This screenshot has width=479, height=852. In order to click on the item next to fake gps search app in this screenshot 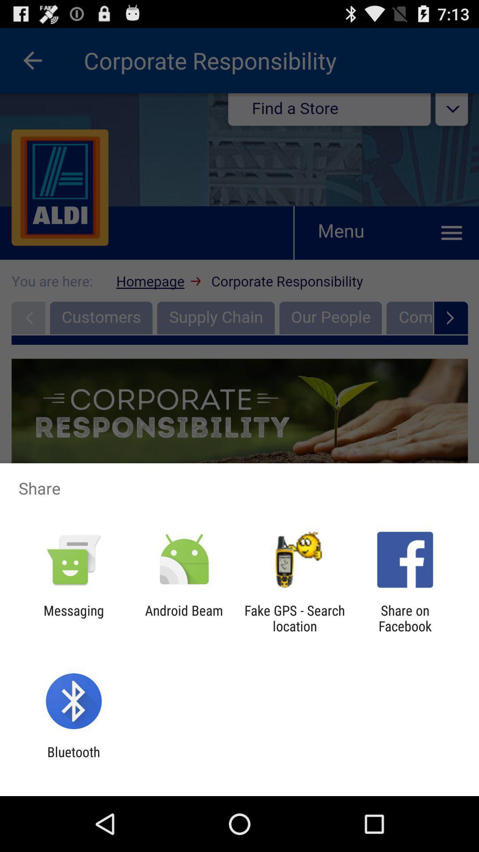, I will do `click(184, 618)`.